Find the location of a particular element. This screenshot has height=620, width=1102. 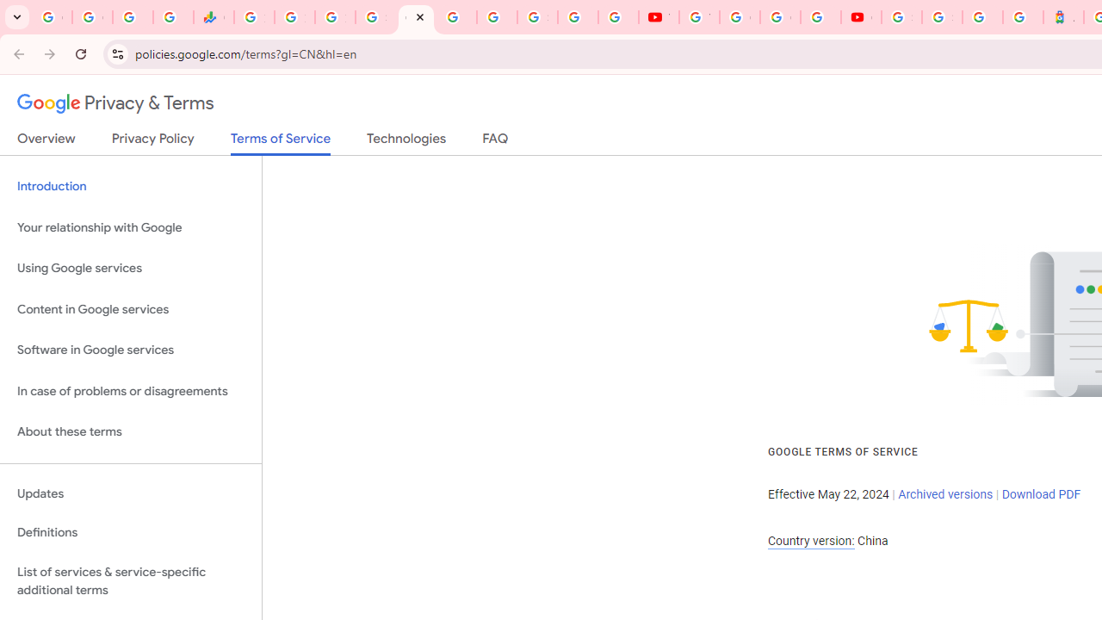

'List of services & service-specific additional terms' is located at coordinates (130, 581).